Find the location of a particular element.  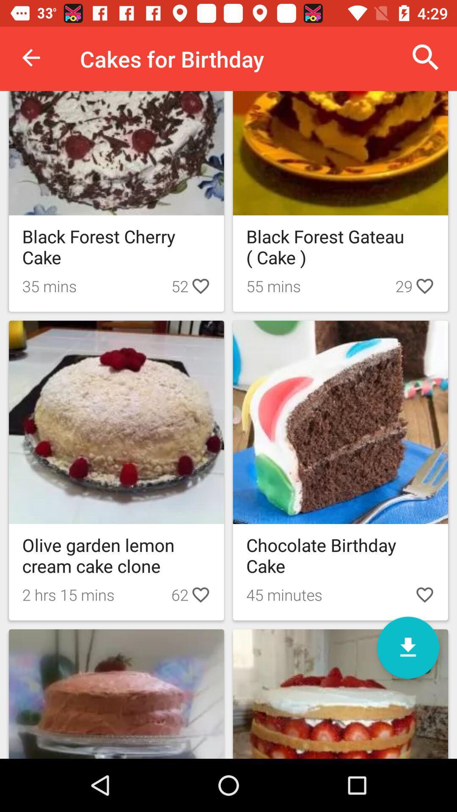

the file_download icon is located at coordinates (407, 647).